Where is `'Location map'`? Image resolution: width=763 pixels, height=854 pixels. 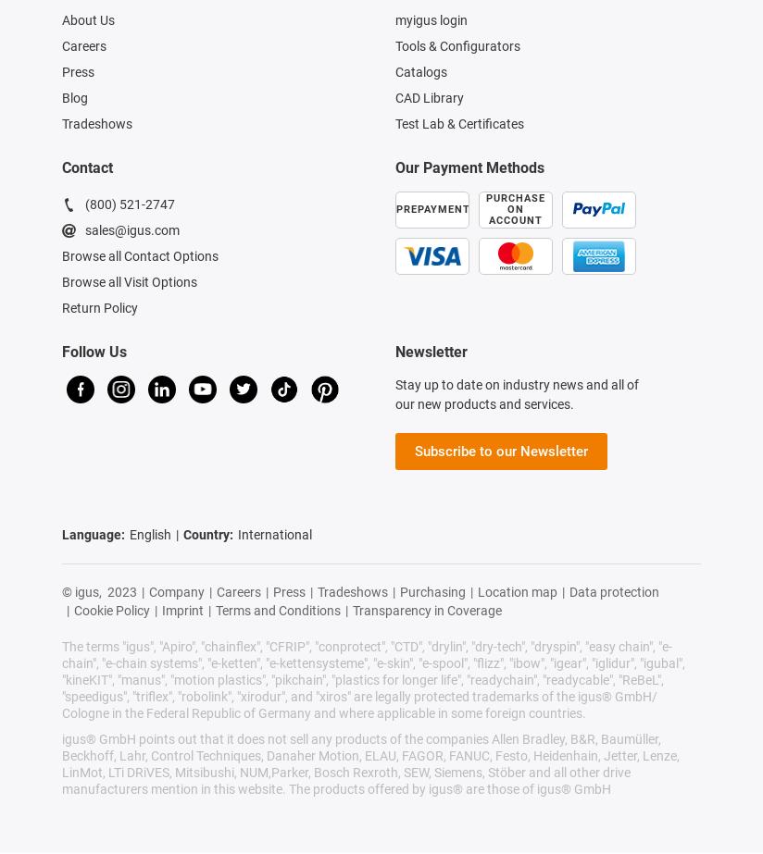
'Location map' is located at coordinates (476, 591).